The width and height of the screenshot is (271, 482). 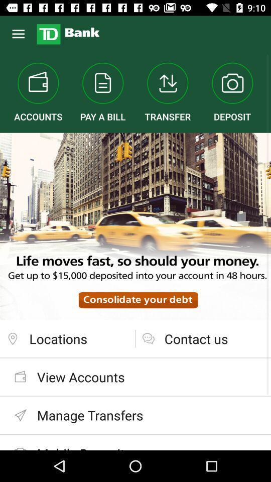 I want to click on the icon below manage transfers, so click(x=135, y=442).